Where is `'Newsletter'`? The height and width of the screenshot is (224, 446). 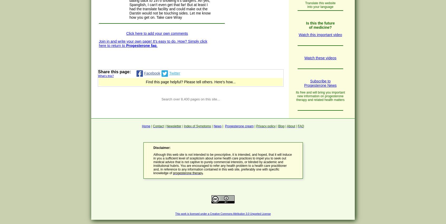
'Newsletter' is located at coordinates (174, 126).